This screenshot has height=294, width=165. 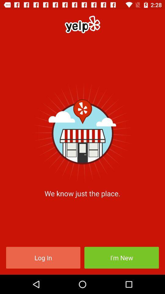 What do you see at coordinates (122, 257) in the screenshot?
I see `icon below we know just` at bounding box center [122, 257].